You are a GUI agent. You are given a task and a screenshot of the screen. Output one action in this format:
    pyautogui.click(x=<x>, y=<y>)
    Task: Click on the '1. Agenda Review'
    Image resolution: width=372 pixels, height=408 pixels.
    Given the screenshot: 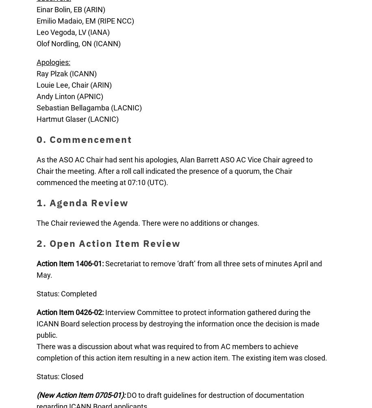 What is the action you would take?
    pyautogui.click(x=82, y=203)
    